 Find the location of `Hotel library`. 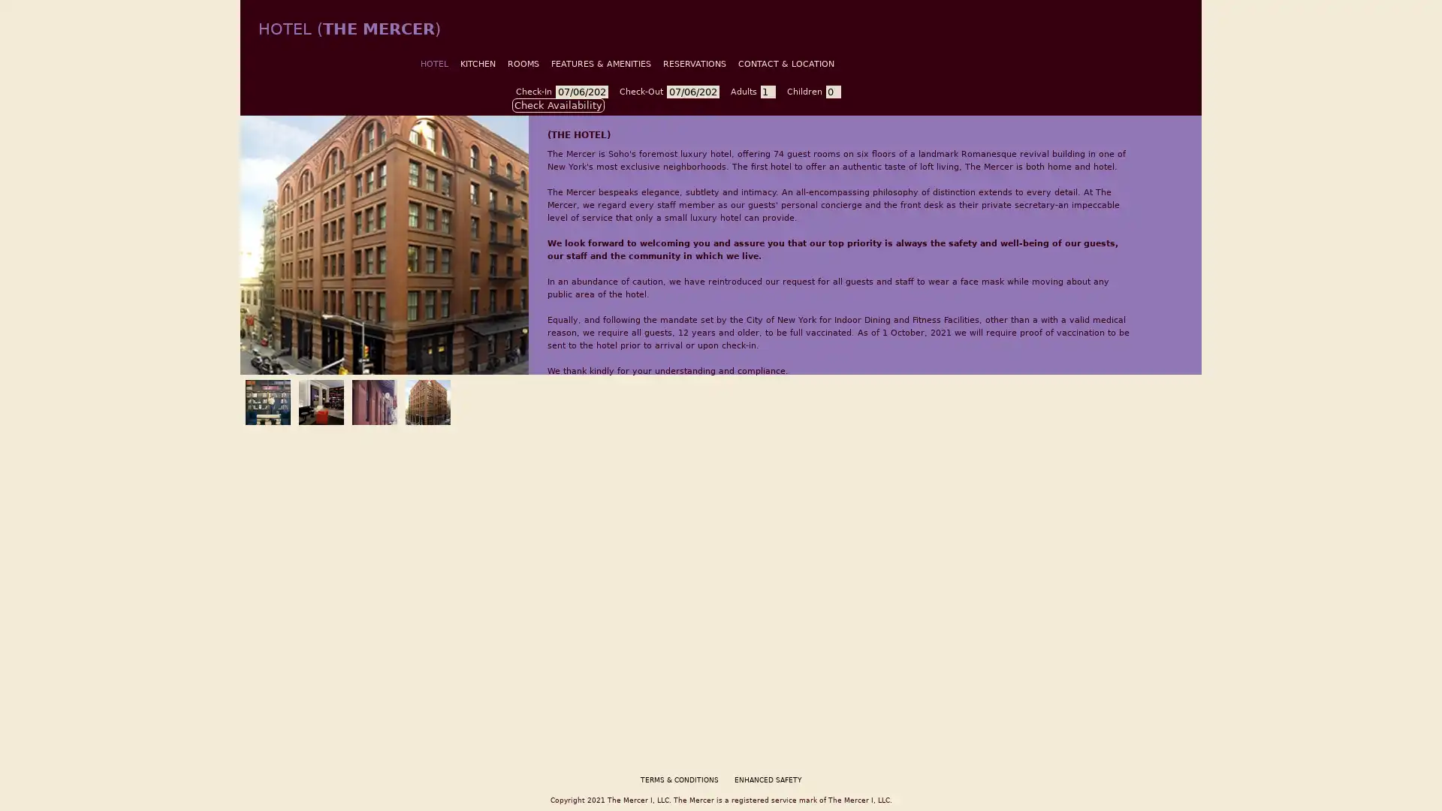

Hotel library is located at coordinates (265, 399).